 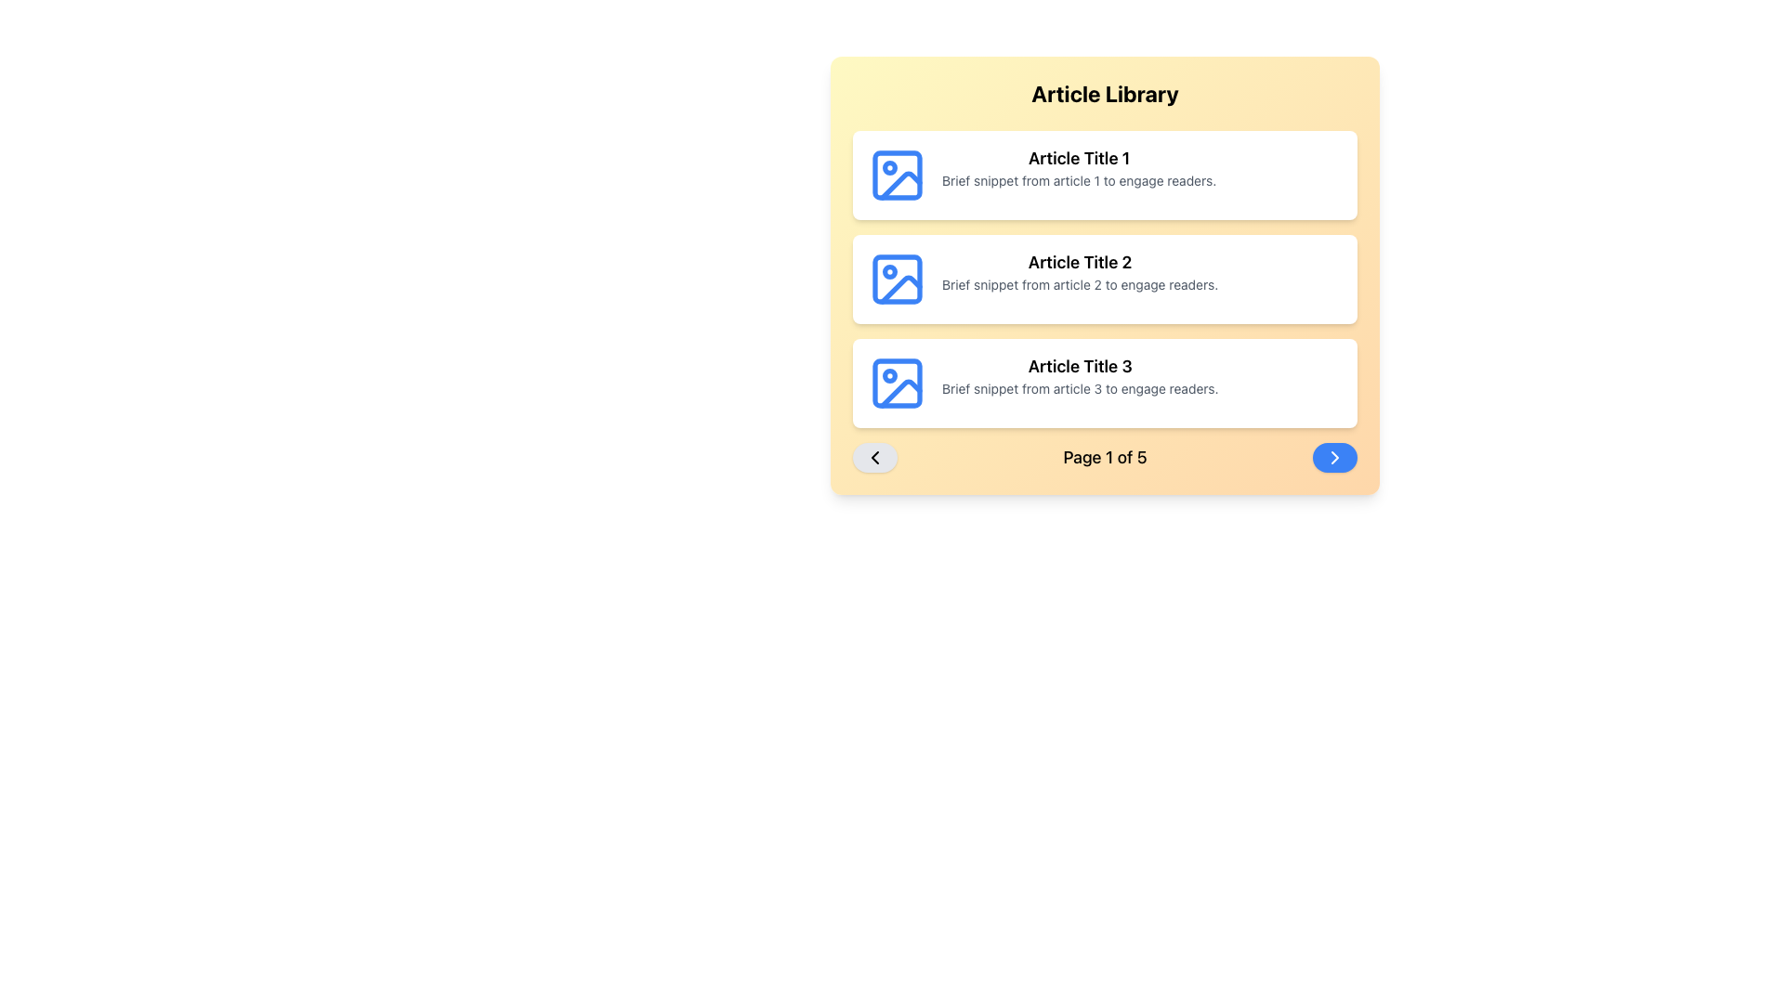 What do you see at coordinates (1080, 366) in the screenshot?
I see `the text label styled as a heading for the third article in the list, which serves as the headline for the article, allowing users to recognize the content quickly` at bounding box center [1080, 366].